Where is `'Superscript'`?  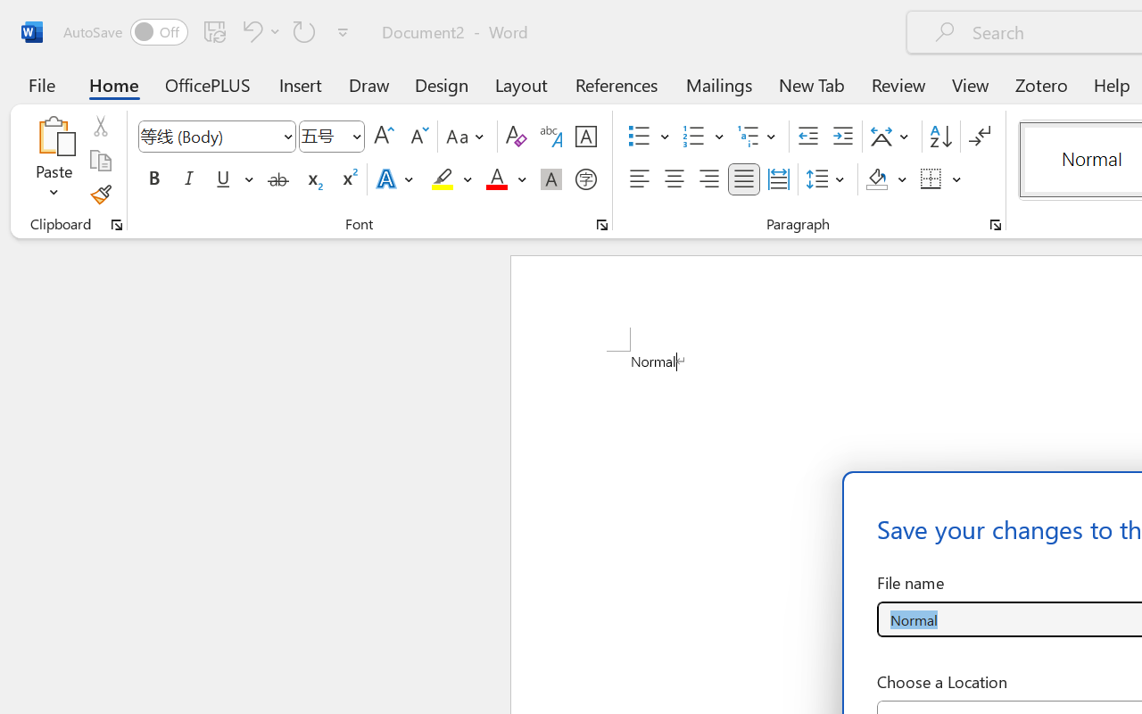 'Superscript' is located at coordinates (348, 179).